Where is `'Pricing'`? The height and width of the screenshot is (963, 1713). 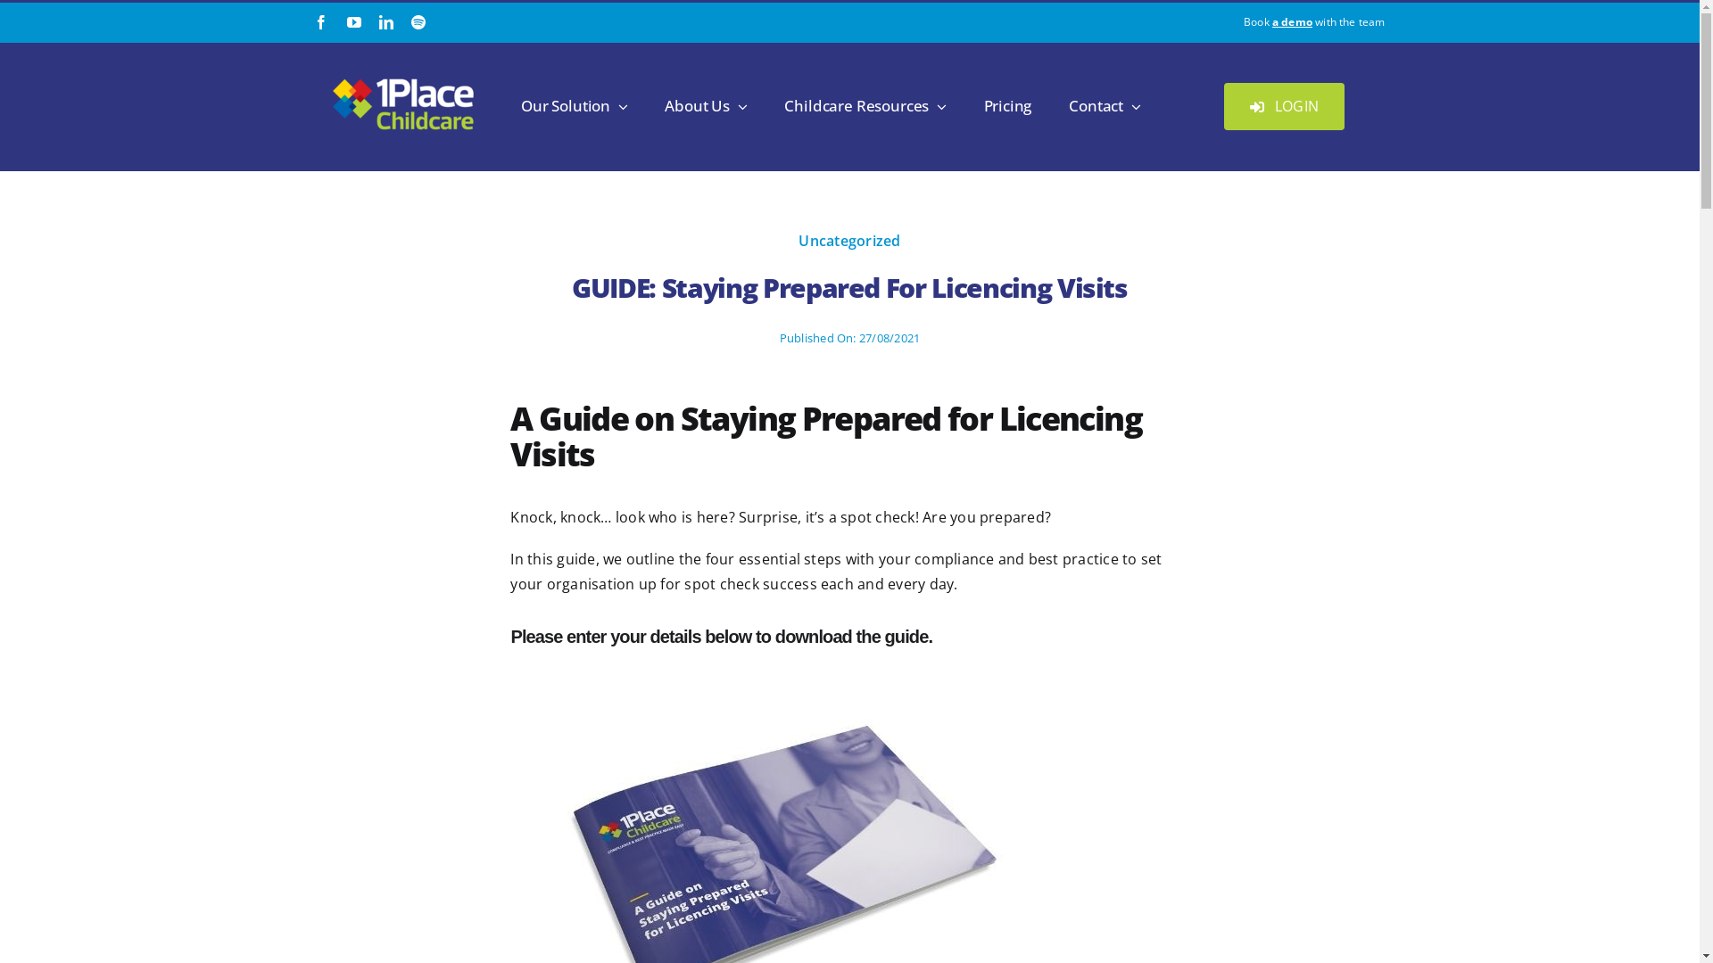
'Pricing' is located at coordinates (1007, 106).